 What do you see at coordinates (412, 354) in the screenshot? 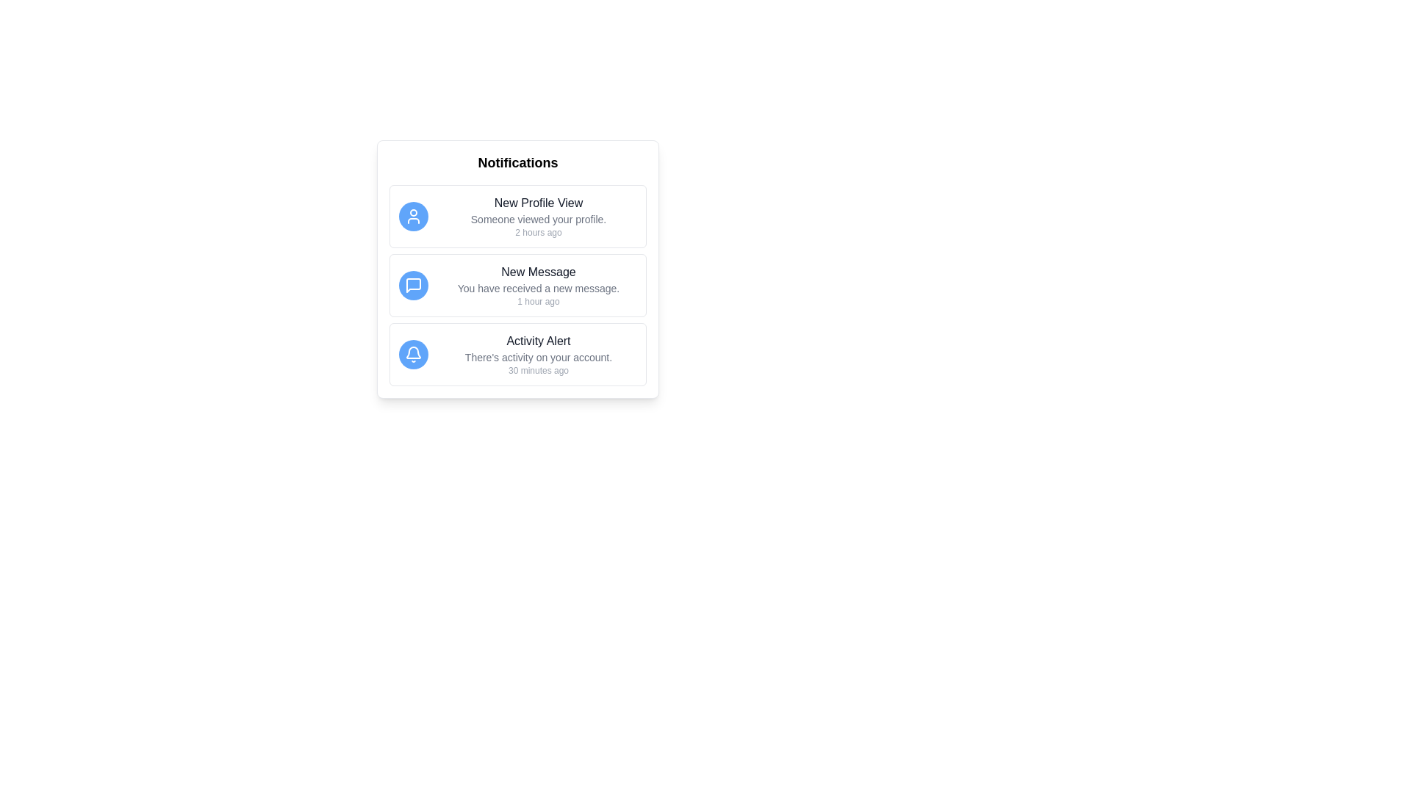
I see `the circular blue icon button with a white bell icon located at the left side of the 'Activity Alert' notification row` at bounding box center [412, 354].